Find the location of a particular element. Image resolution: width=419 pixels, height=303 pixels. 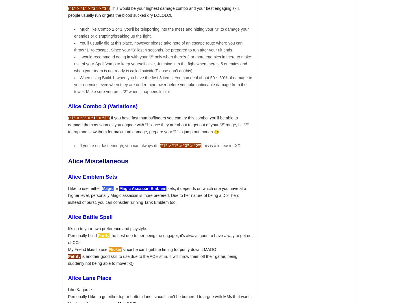

'I would recommend going in with your “3” only when there’s 3 or more enemies in there to make use of your Spell Vamp to keep yourself alive, Jumping into the fight when there’s 5 enemies and when your team is not ready is called suicide(Please don’t do this)' is located at coordinates (162, 64).